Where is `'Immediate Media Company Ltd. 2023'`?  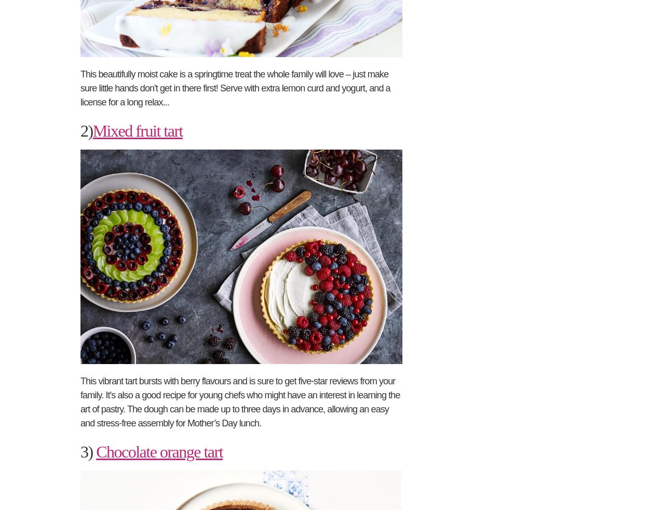
'Immediate Media Company Ltd. 2023' is located at coordinates (217, 30).